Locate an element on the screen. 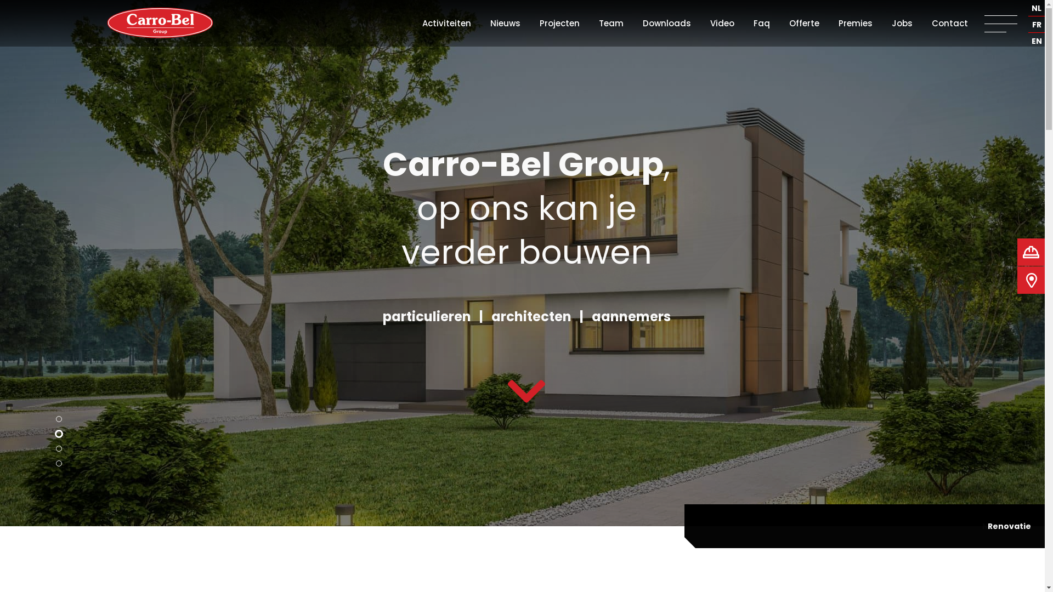 The height and width of the screenshot is (592, 1053). 'Activiteiten' is located at coordinates (446, 23).